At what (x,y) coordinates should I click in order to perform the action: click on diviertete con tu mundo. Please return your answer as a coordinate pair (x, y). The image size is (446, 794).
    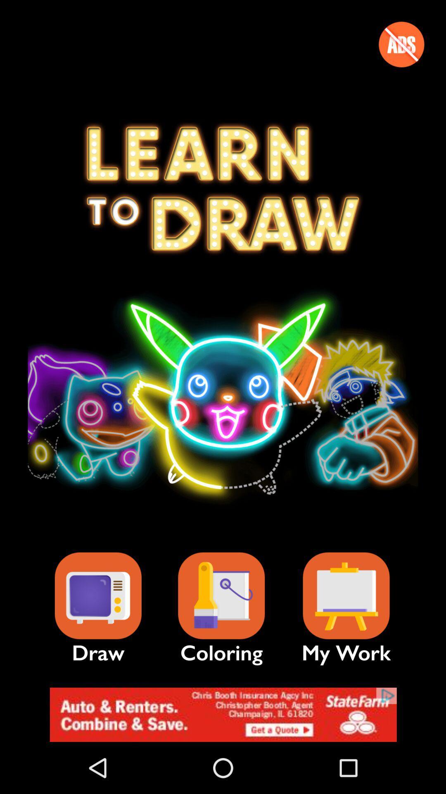
    Looking at the image, I should click on (221, 596).